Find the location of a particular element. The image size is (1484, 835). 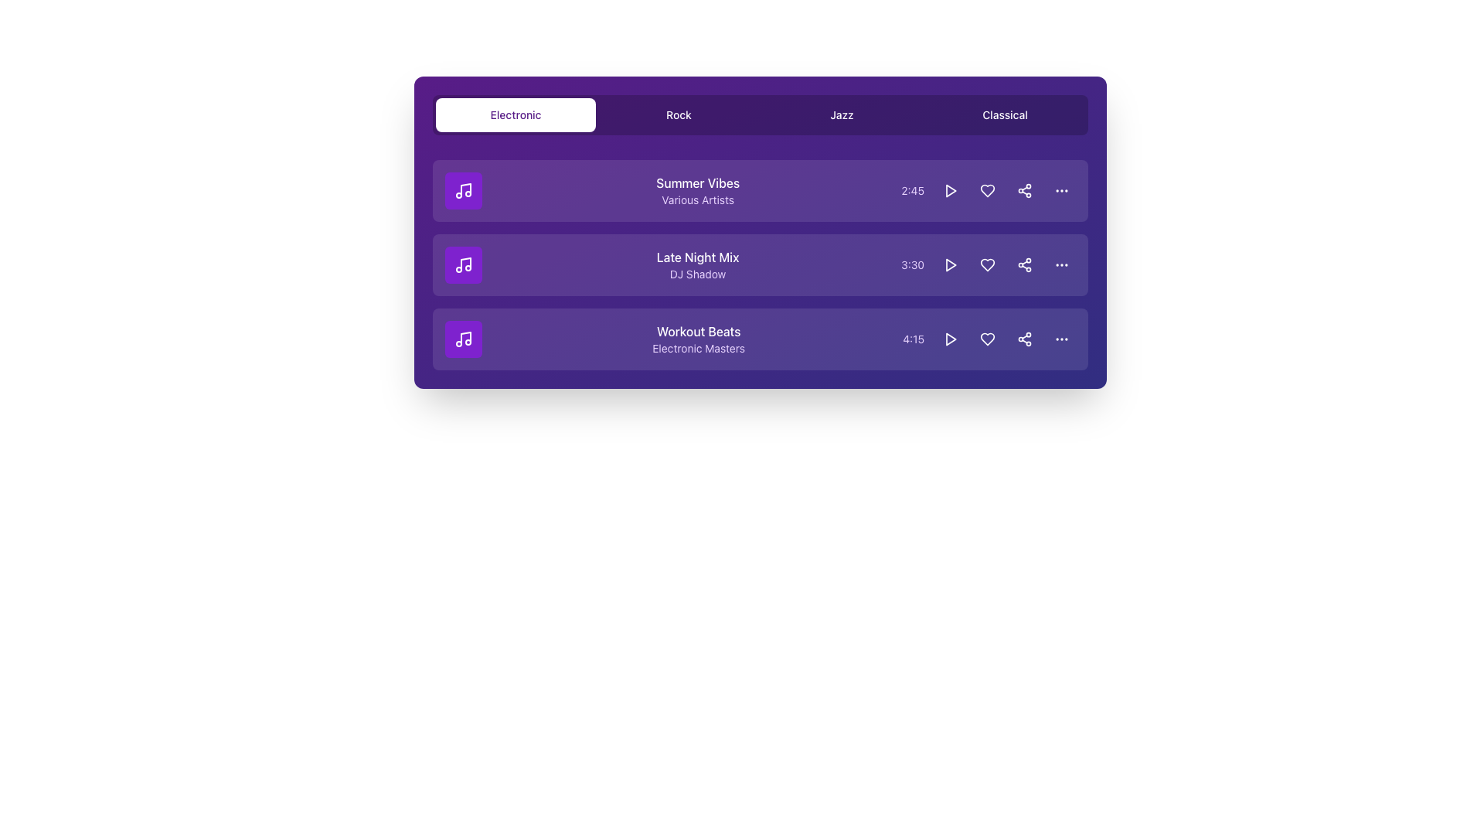

the heart-shaped icon styled as a solid white heart, located in the first row representing the 'Summer Vibes' track is located at coordinates (986, 189).